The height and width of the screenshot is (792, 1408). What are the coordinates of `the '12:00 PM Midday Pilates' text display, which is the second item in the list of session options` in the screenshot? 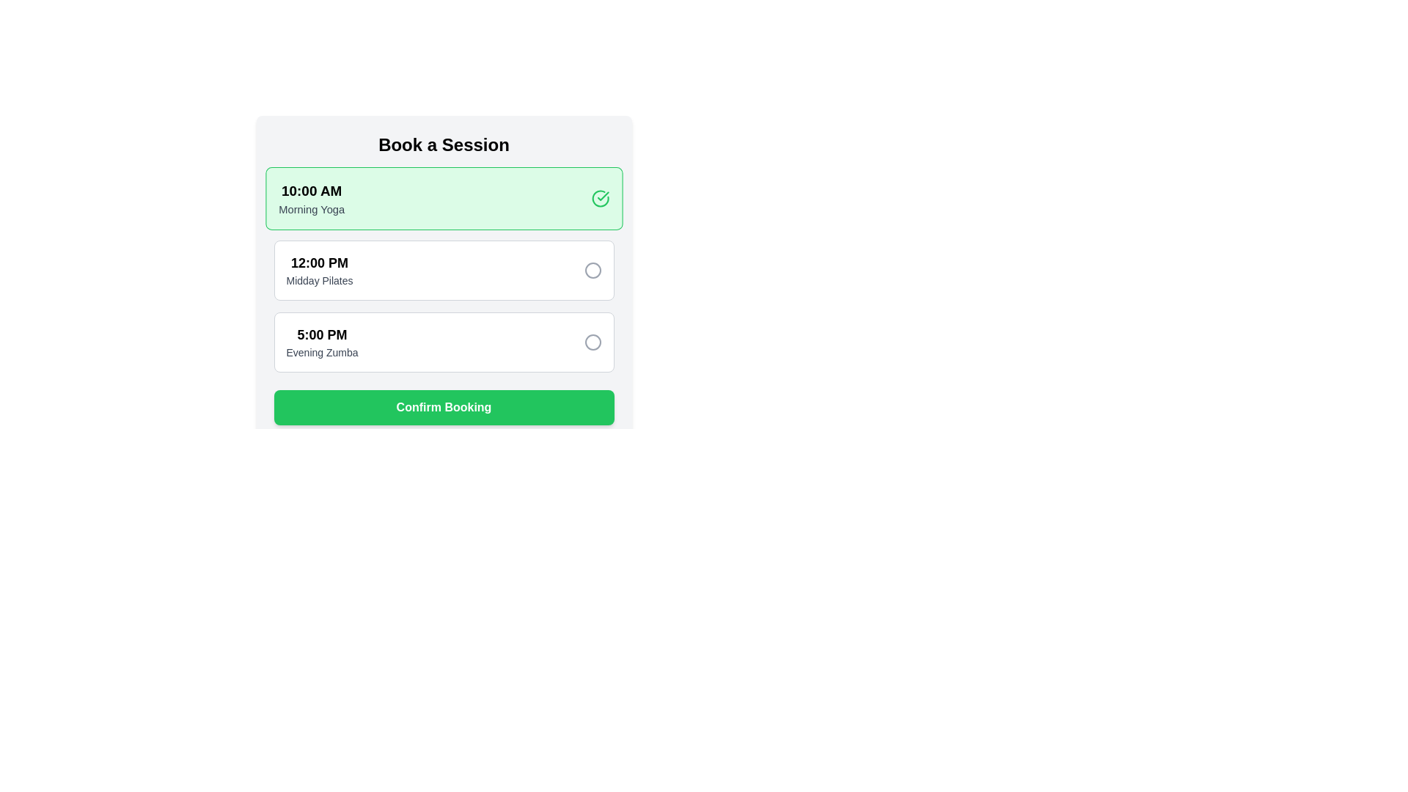 It's located at (319, 271).